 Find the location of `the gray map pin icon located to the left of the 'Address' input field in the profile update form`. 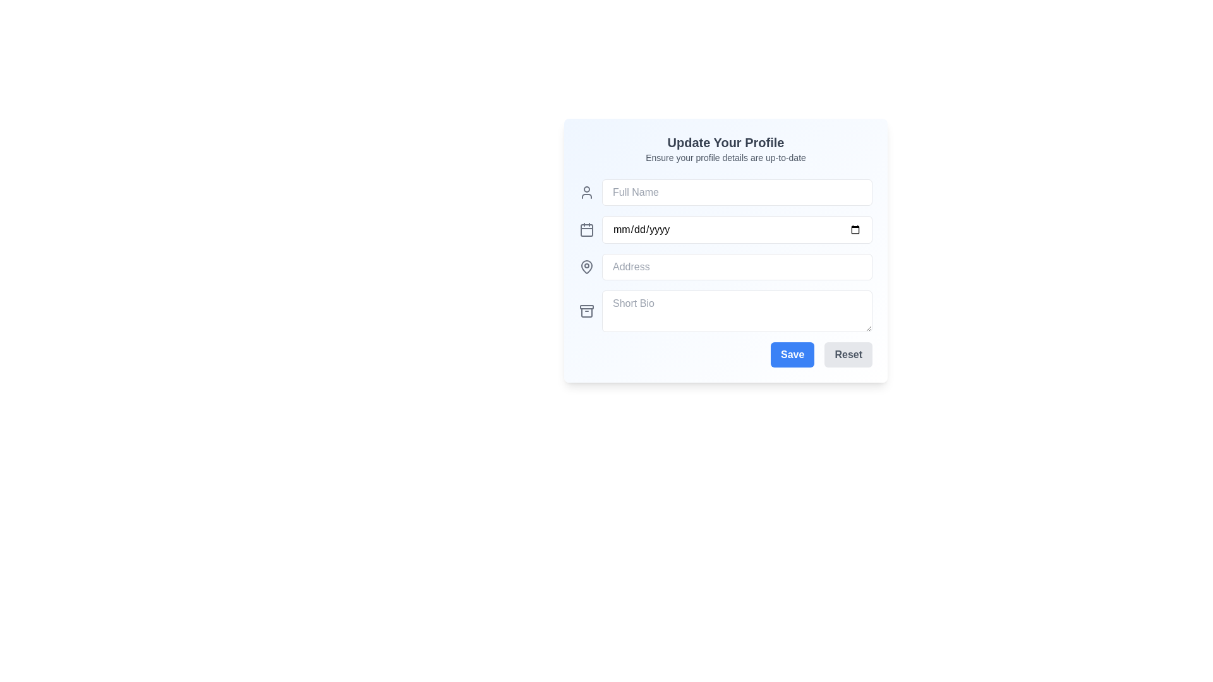

the gray map pin icon located to the left of the 'Address' input field in the profile update form is located at coordinates (586, 266).